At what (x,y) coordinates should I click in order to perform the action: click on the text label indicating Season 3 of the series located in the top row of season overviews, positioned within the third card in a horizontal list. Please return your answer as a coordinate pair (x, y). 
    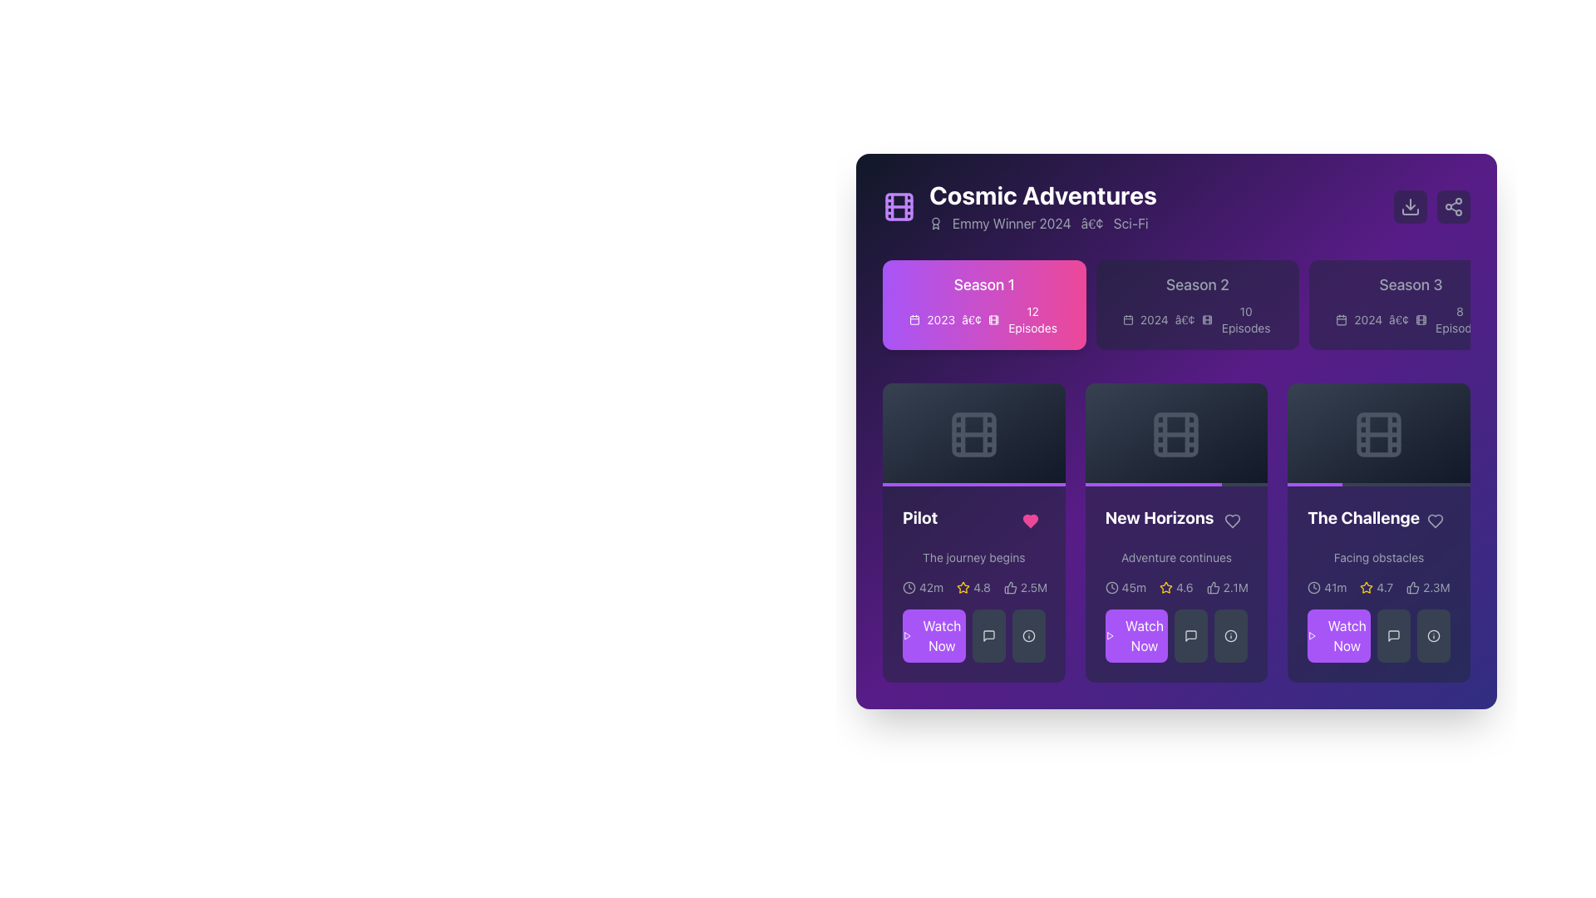
    Looking at the image, I should click on (1410, 284).